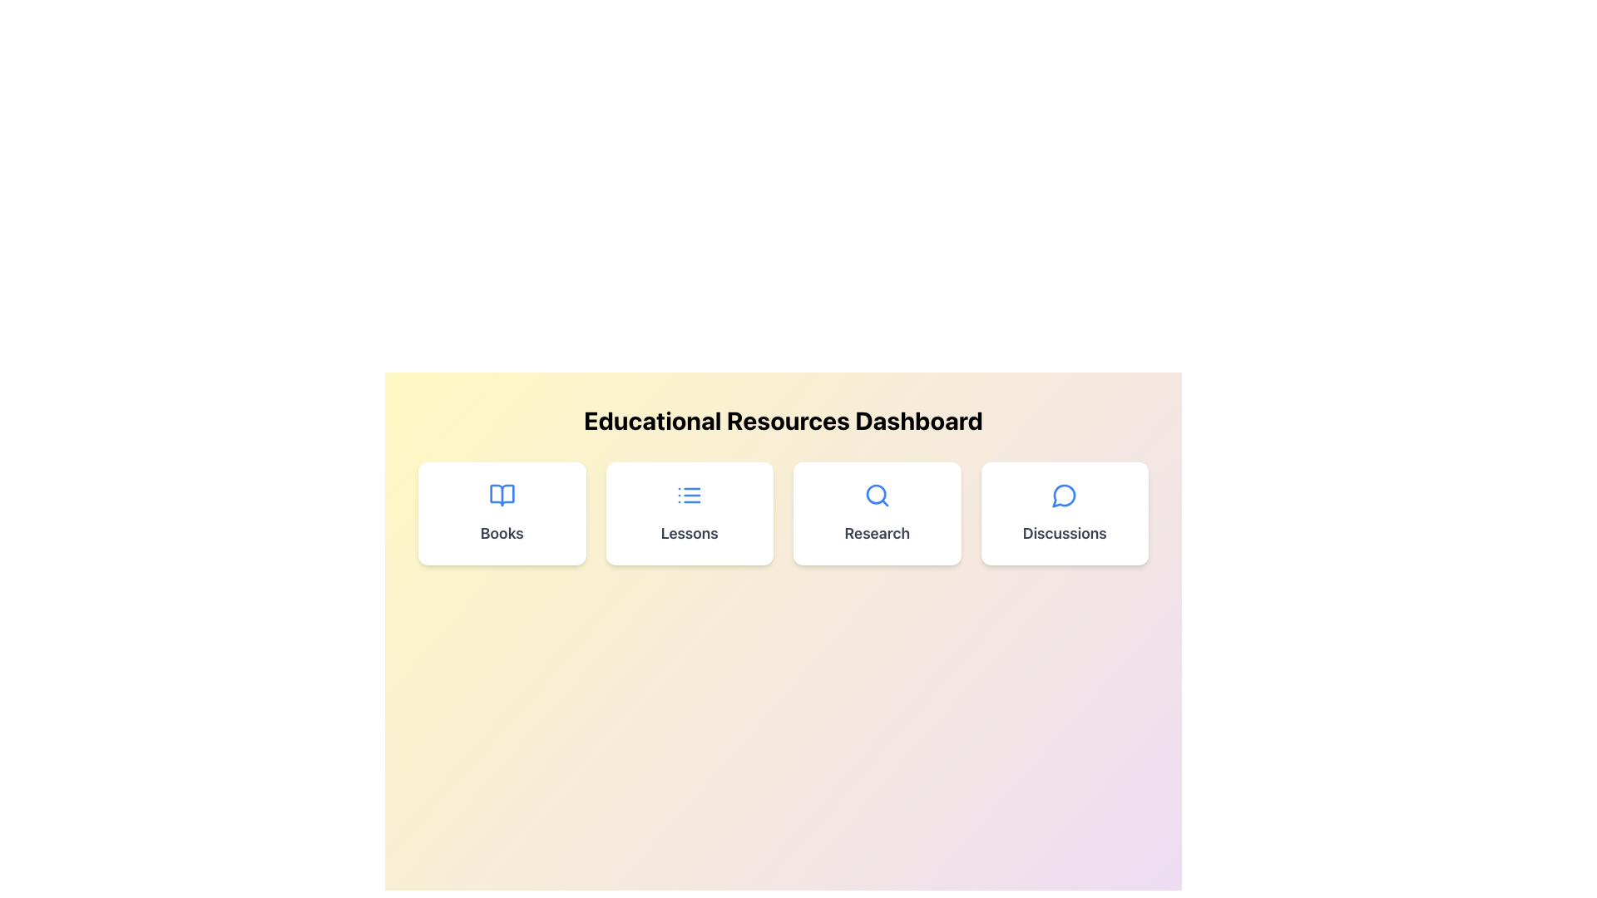 The width and height of the screenshot is (1597, 898). Describe the element at coordinates (876, 512) in the screenshot. I see `the 'Research' card element, which is a rectangular card with rounded corners and features a magnifying glass icon at the top` at that location.